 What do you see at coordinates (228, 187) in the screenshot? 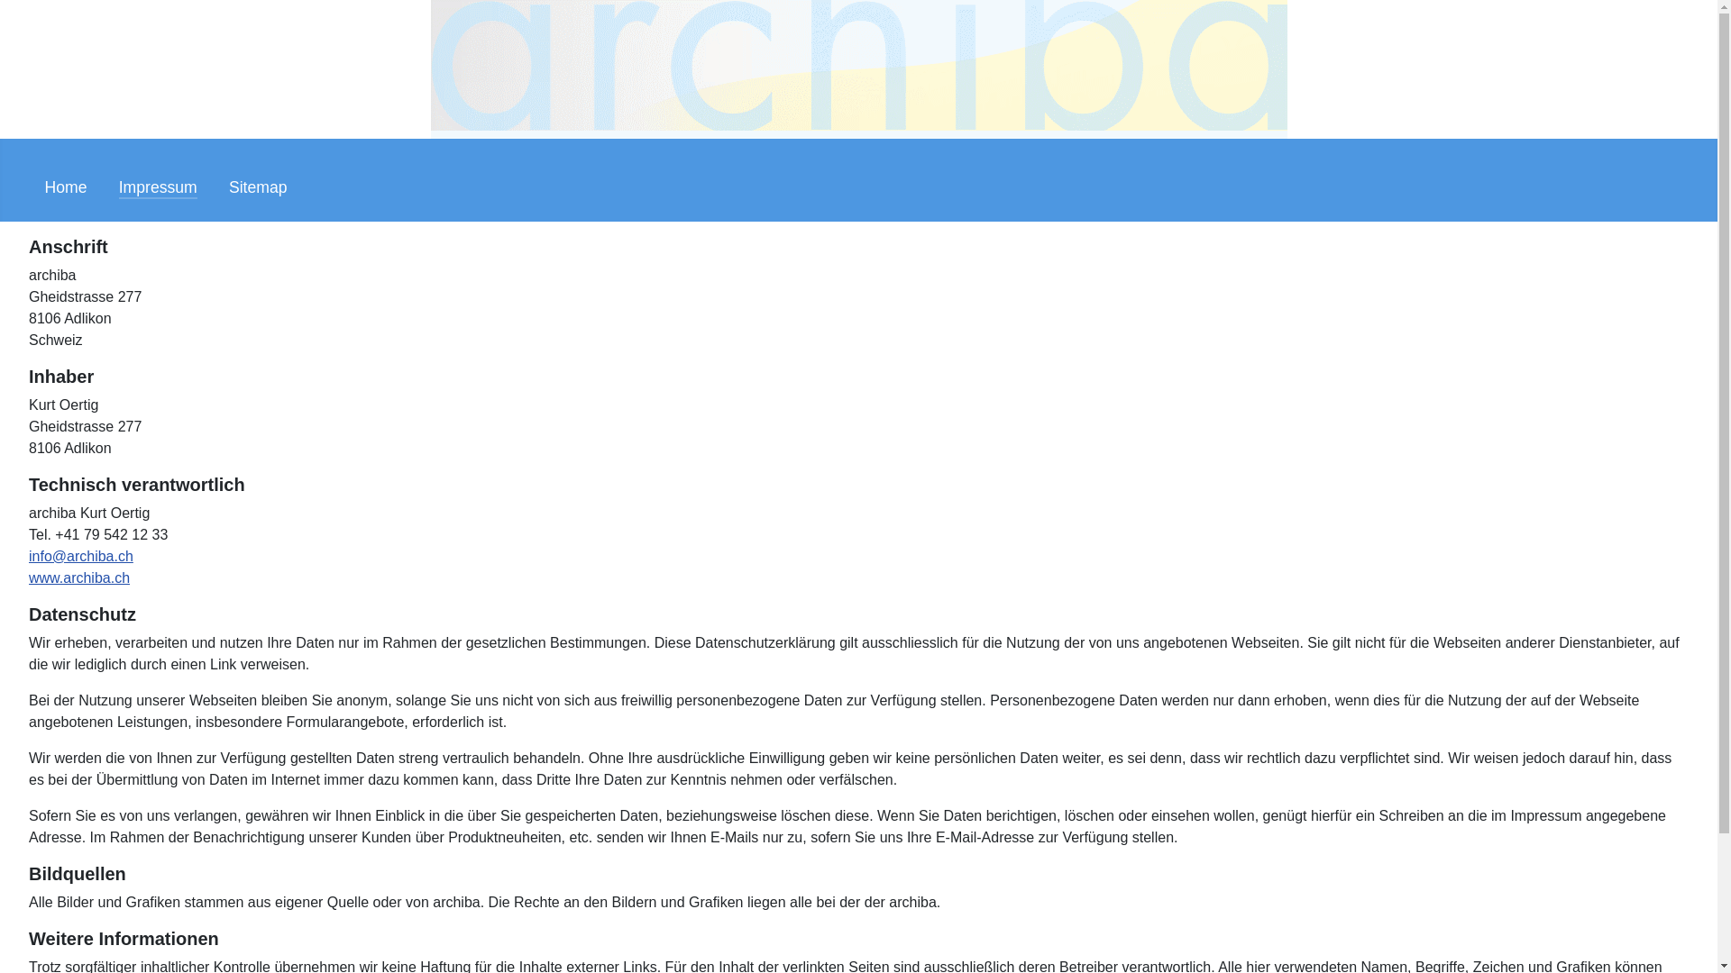
I see `'Sitemap'` at bounding box center [228, 187].